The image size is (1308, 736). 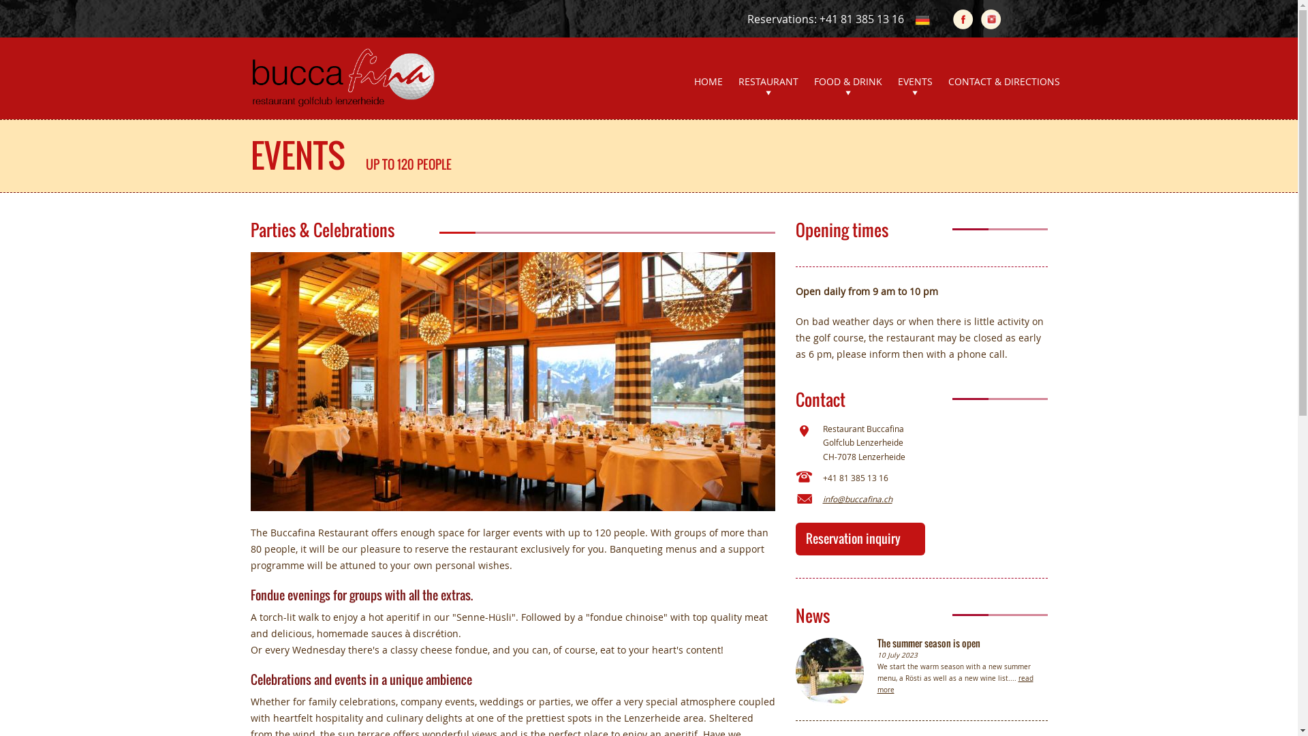 I want to click on 'RESTAURANT', so click(x=738, y=89).